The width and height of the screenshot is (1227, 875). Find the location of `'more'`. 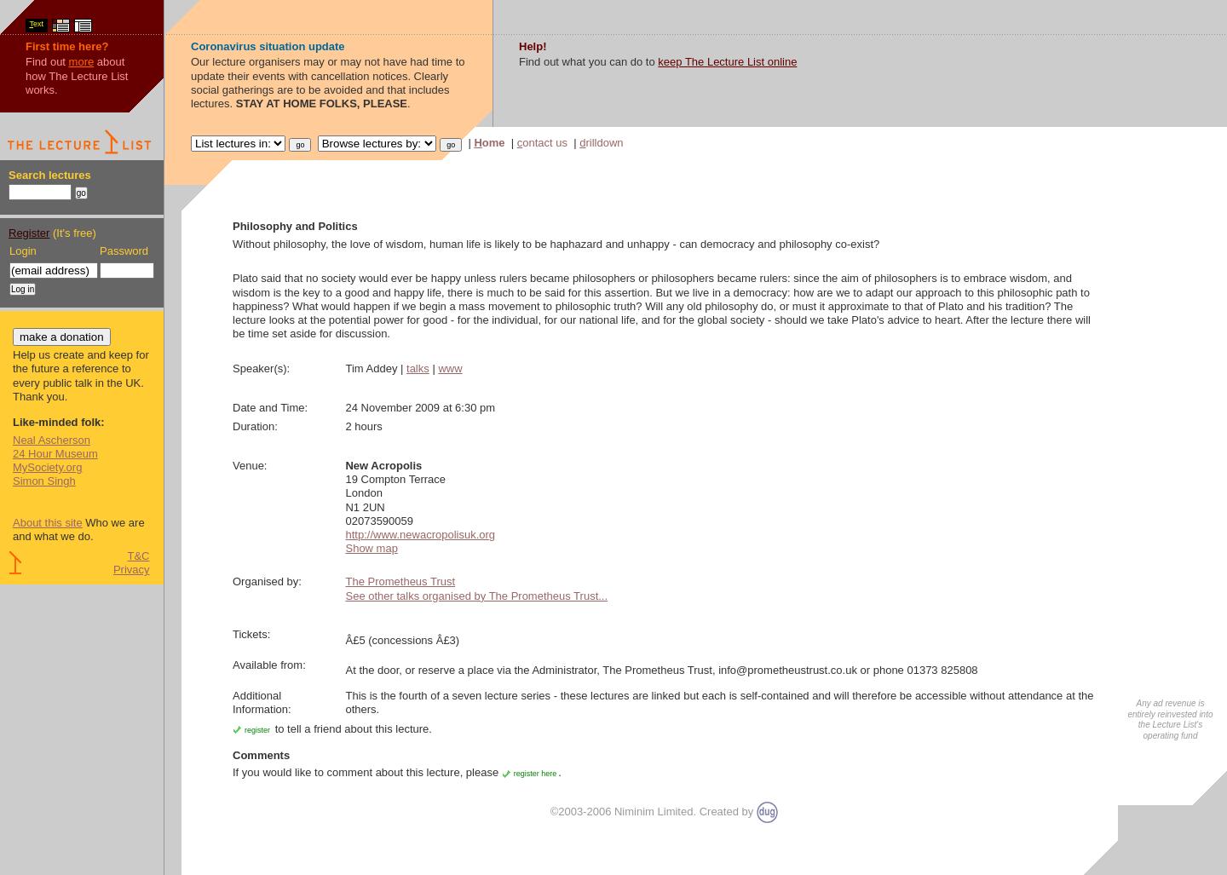

'more' is located at coordinates (81, 60).